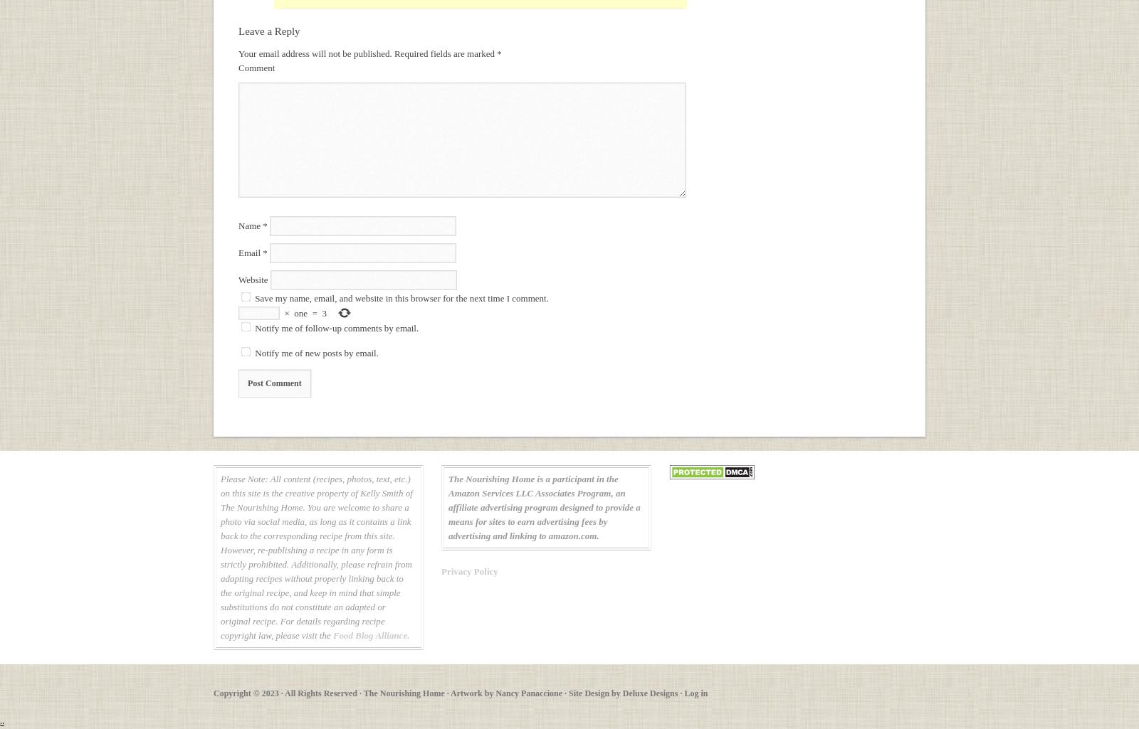 The image size is (1139, 729). I want to click on 'Name', so click(251, 225).